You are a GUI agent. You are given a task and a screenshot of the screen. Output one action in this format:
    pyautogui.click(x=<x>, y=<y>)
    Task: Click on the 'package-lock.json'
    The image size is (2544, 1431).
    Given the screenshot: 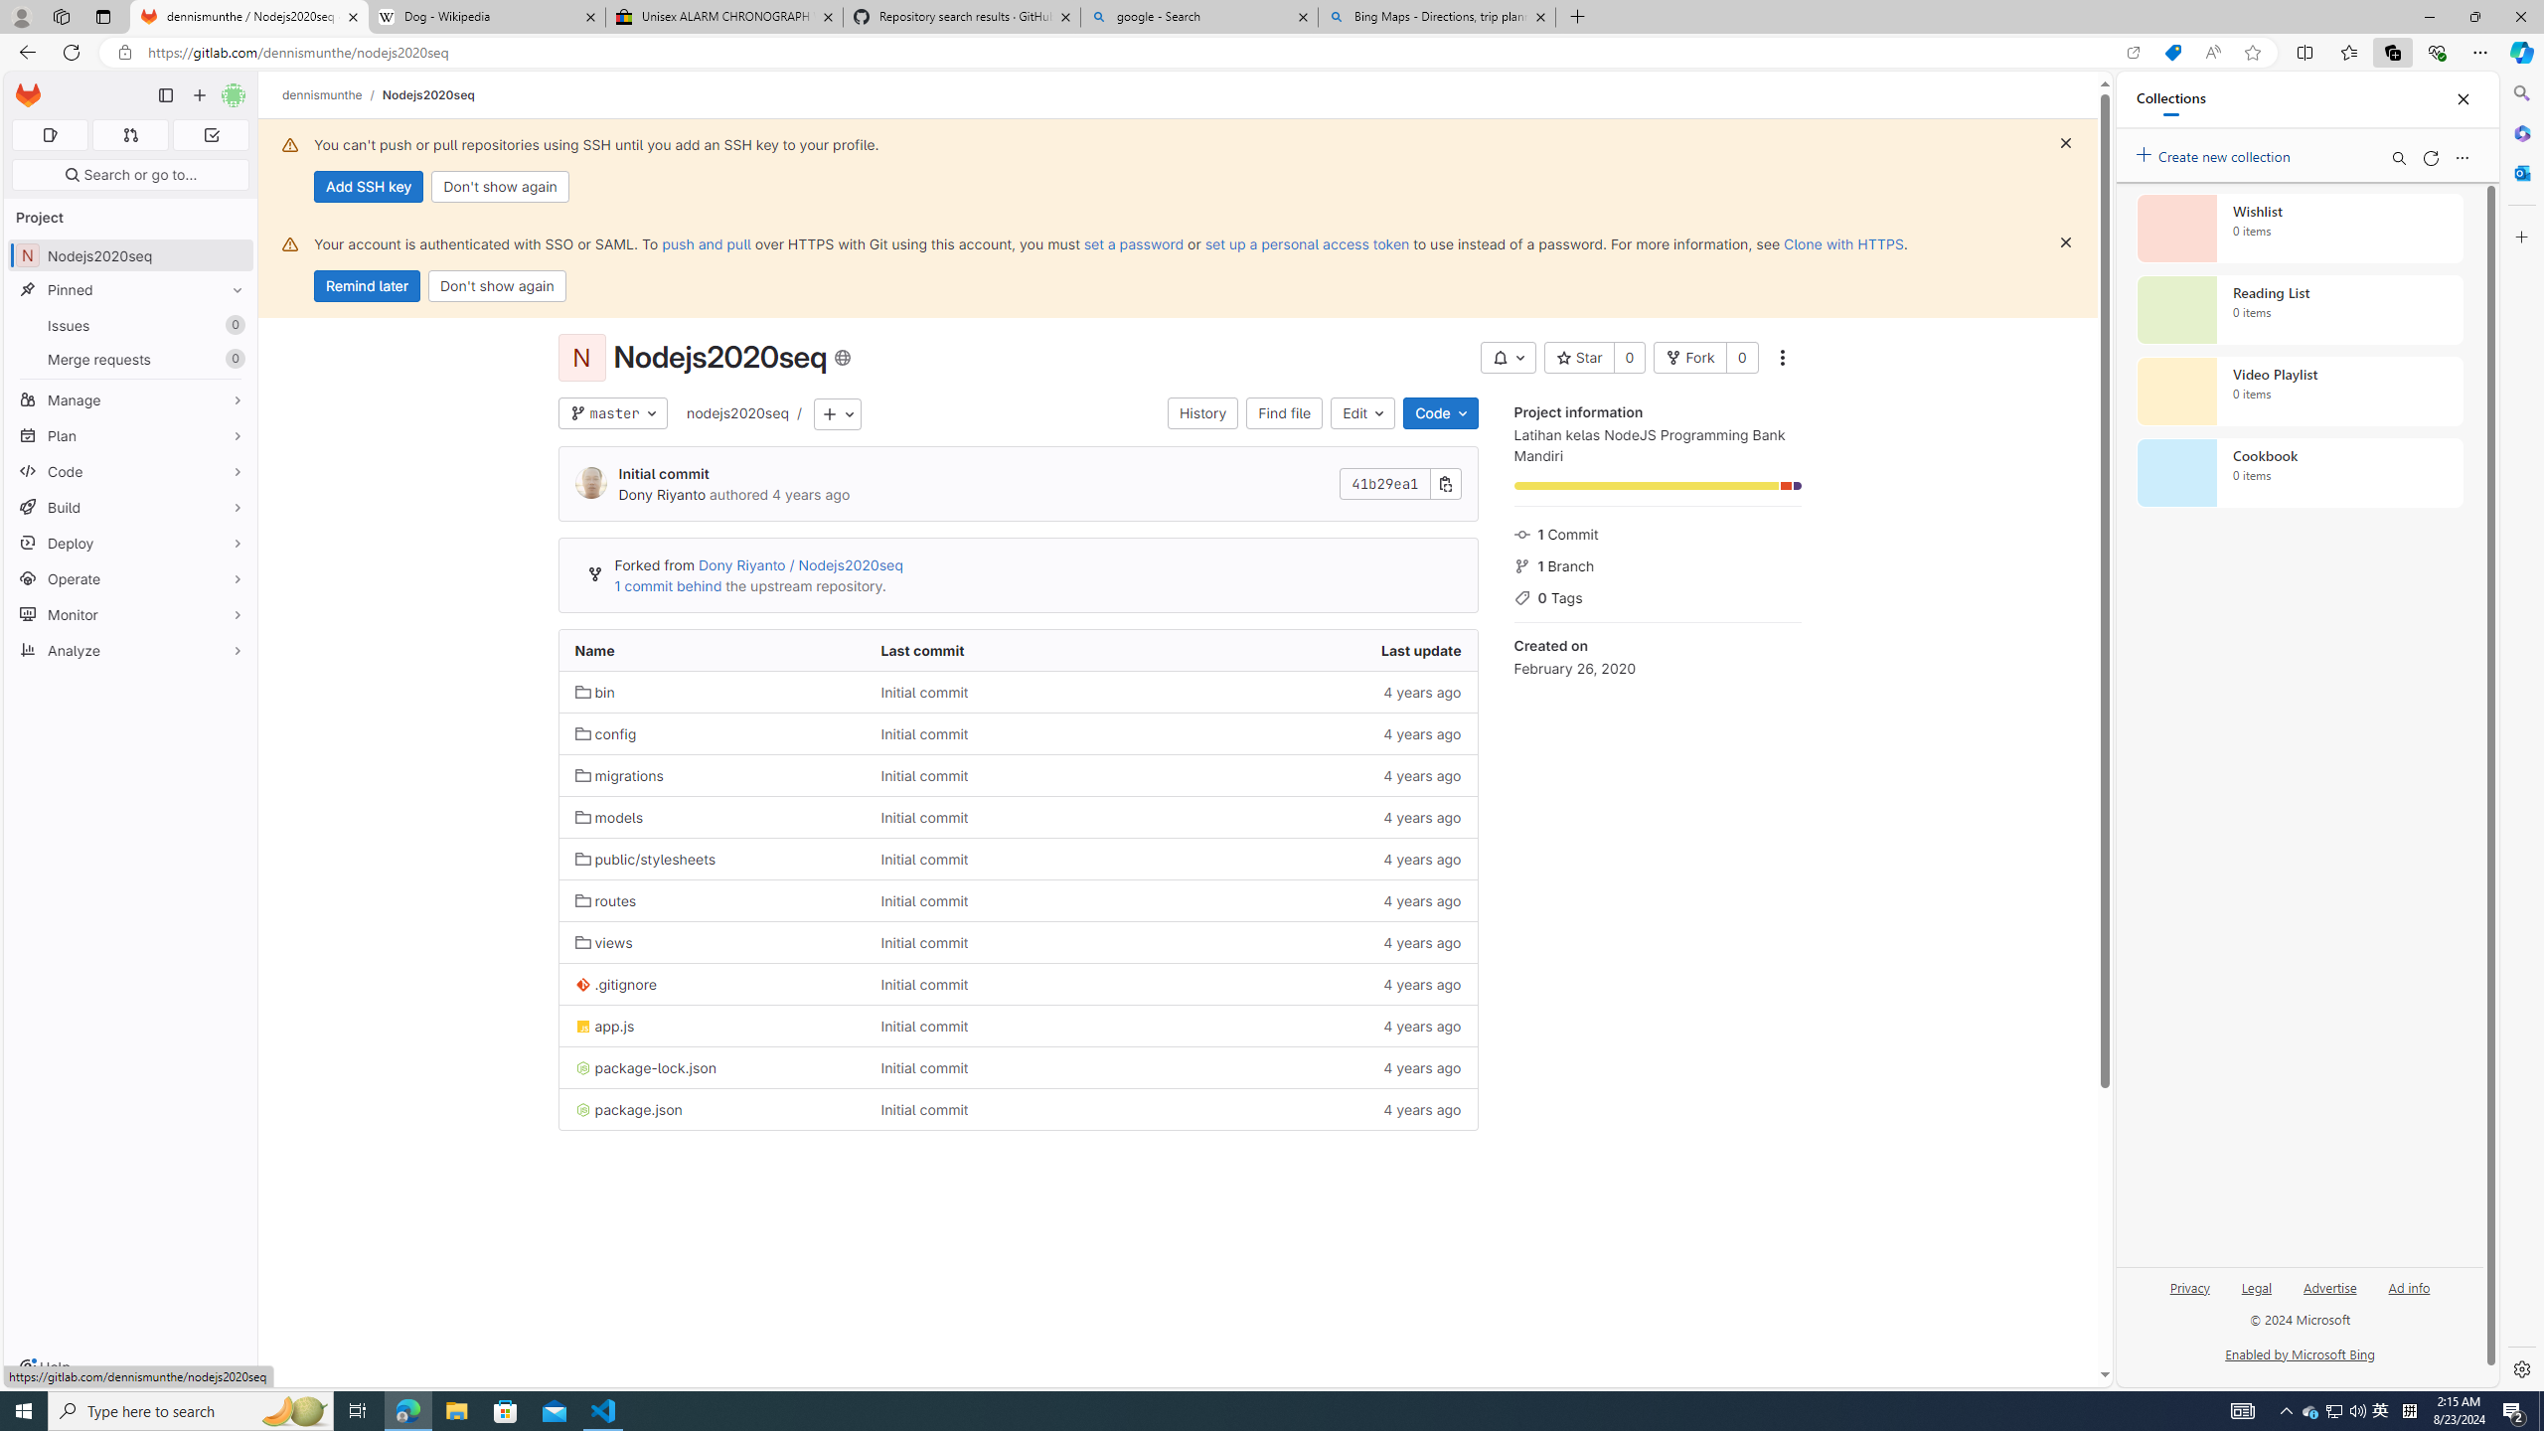 What is the action you would take?
    pyautogui.click(x=645, y=1066)
    